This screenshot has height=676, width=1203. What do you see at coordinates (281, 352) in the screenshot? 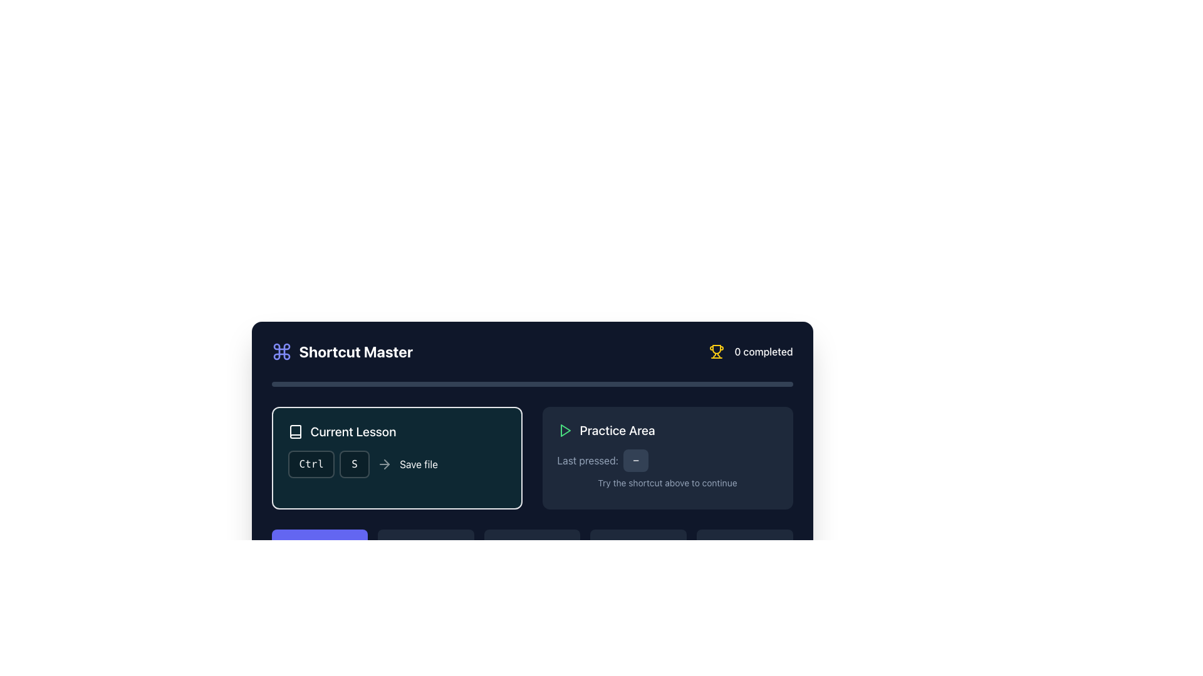
I see `the decorative icon for the 'Shortcut Master' header section, which signifies the application's branding and thematic focus` at bounding box center [281, 352].